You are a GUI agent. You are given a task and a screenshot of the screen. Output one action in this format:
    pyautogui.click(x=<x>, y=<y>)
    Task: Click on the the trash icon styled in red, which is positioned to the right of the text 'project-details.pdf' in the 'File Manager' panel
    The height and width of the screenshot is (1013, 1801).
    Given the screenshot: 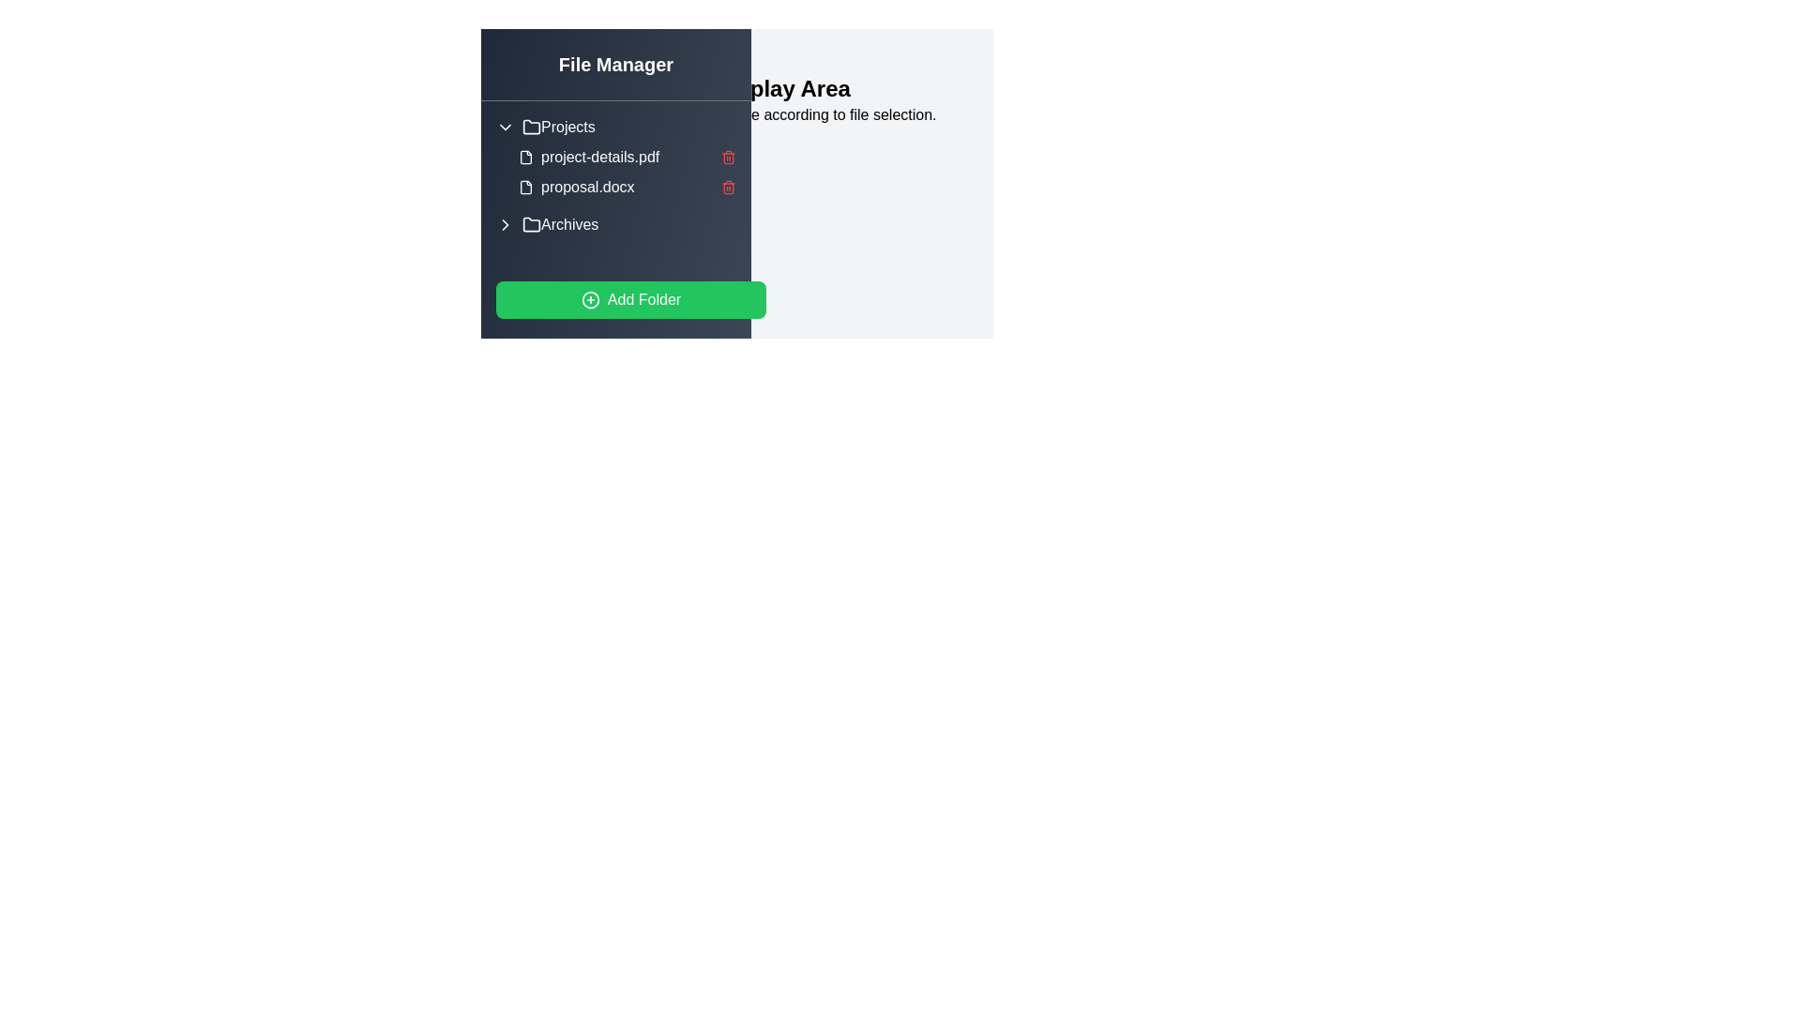 What is the action you would take?
    pyautogui.click(x=728, y=157)
    